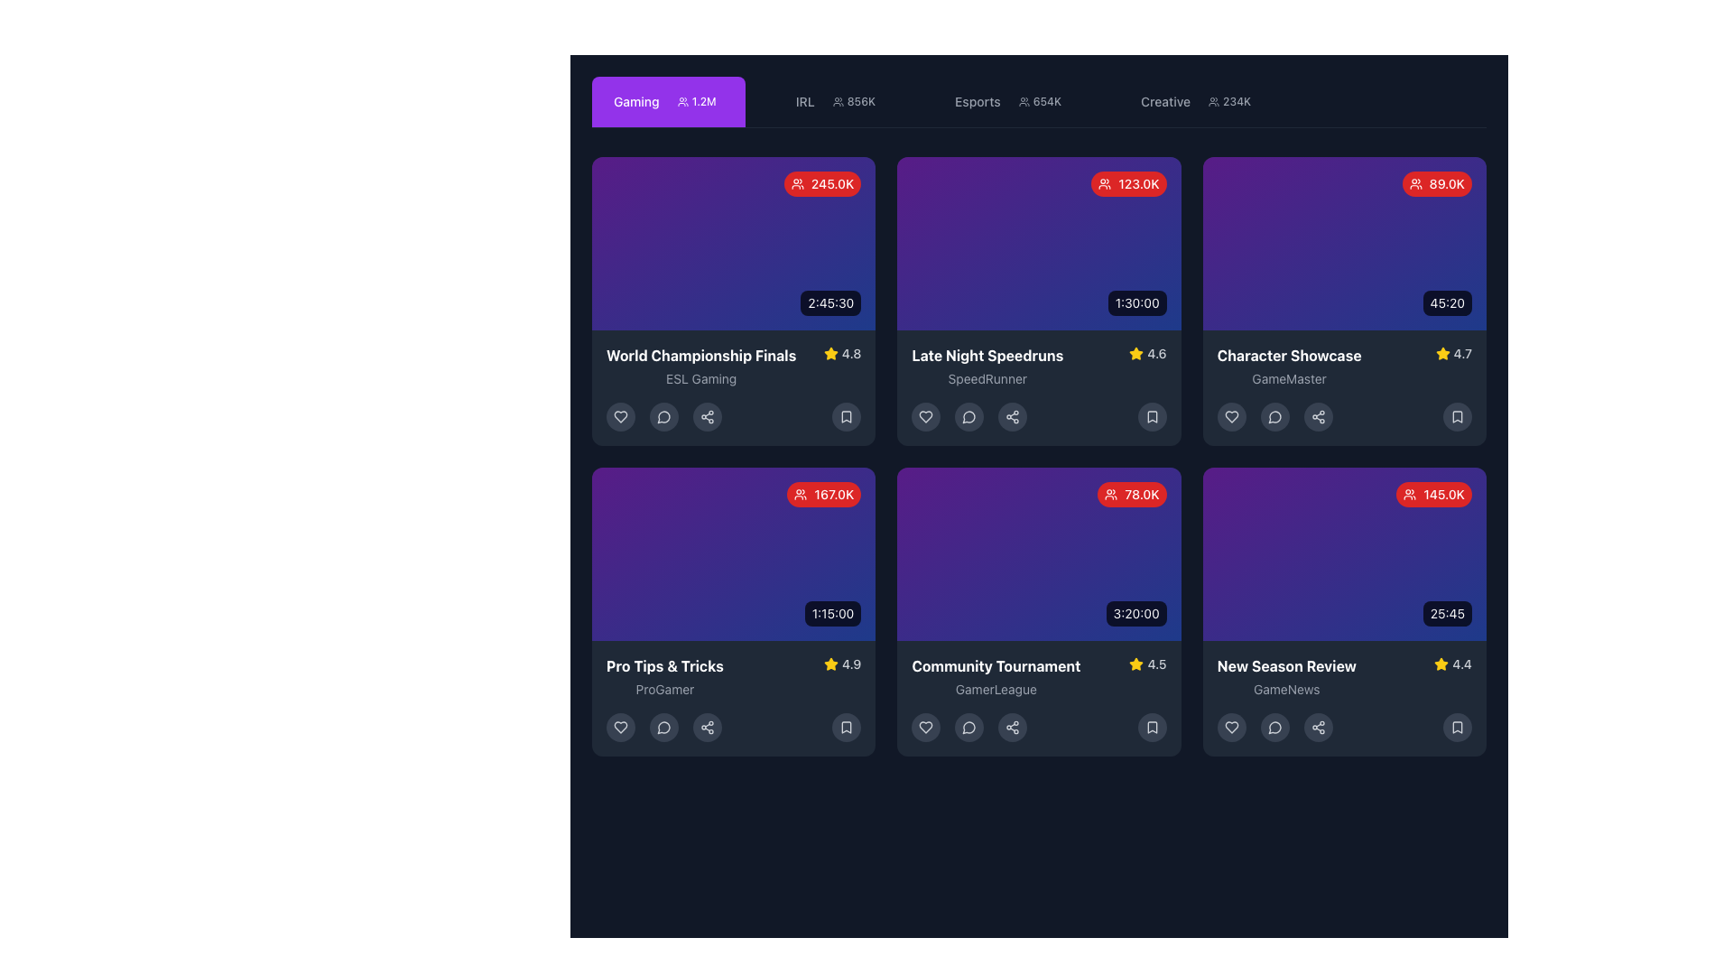 Image resolution: width=1733 pixels, height=975 pixels. I want to click on the heart icon button located at the bottom-right of the card-style content area to favorite the associated content, so click(1230, 727).